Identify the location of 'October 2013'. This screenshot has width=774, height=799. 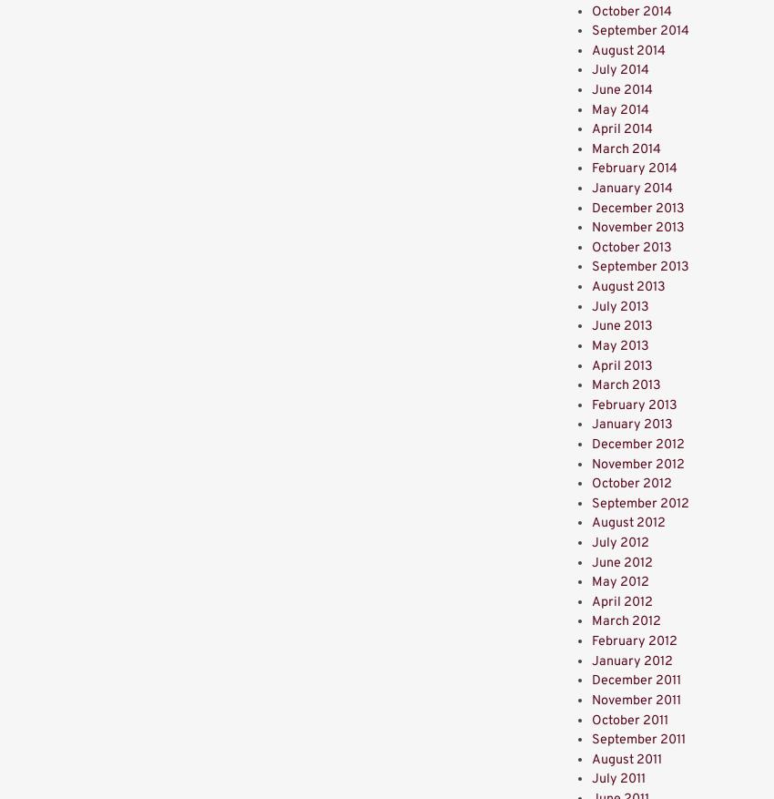
(631, 247).